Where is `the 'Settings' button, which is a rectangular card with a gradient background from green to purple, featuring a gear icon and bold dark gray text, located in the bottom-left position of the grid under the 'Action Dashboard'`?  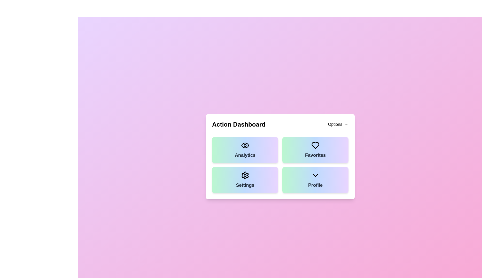
the 'Settings' button, which is a rectangular card with a gradient background from green to purple, featuring a gear icon and bold dark gray text, located in the bottom-left position of the grid under the 'Action Dashboard' is located at coordinates (245, 180).